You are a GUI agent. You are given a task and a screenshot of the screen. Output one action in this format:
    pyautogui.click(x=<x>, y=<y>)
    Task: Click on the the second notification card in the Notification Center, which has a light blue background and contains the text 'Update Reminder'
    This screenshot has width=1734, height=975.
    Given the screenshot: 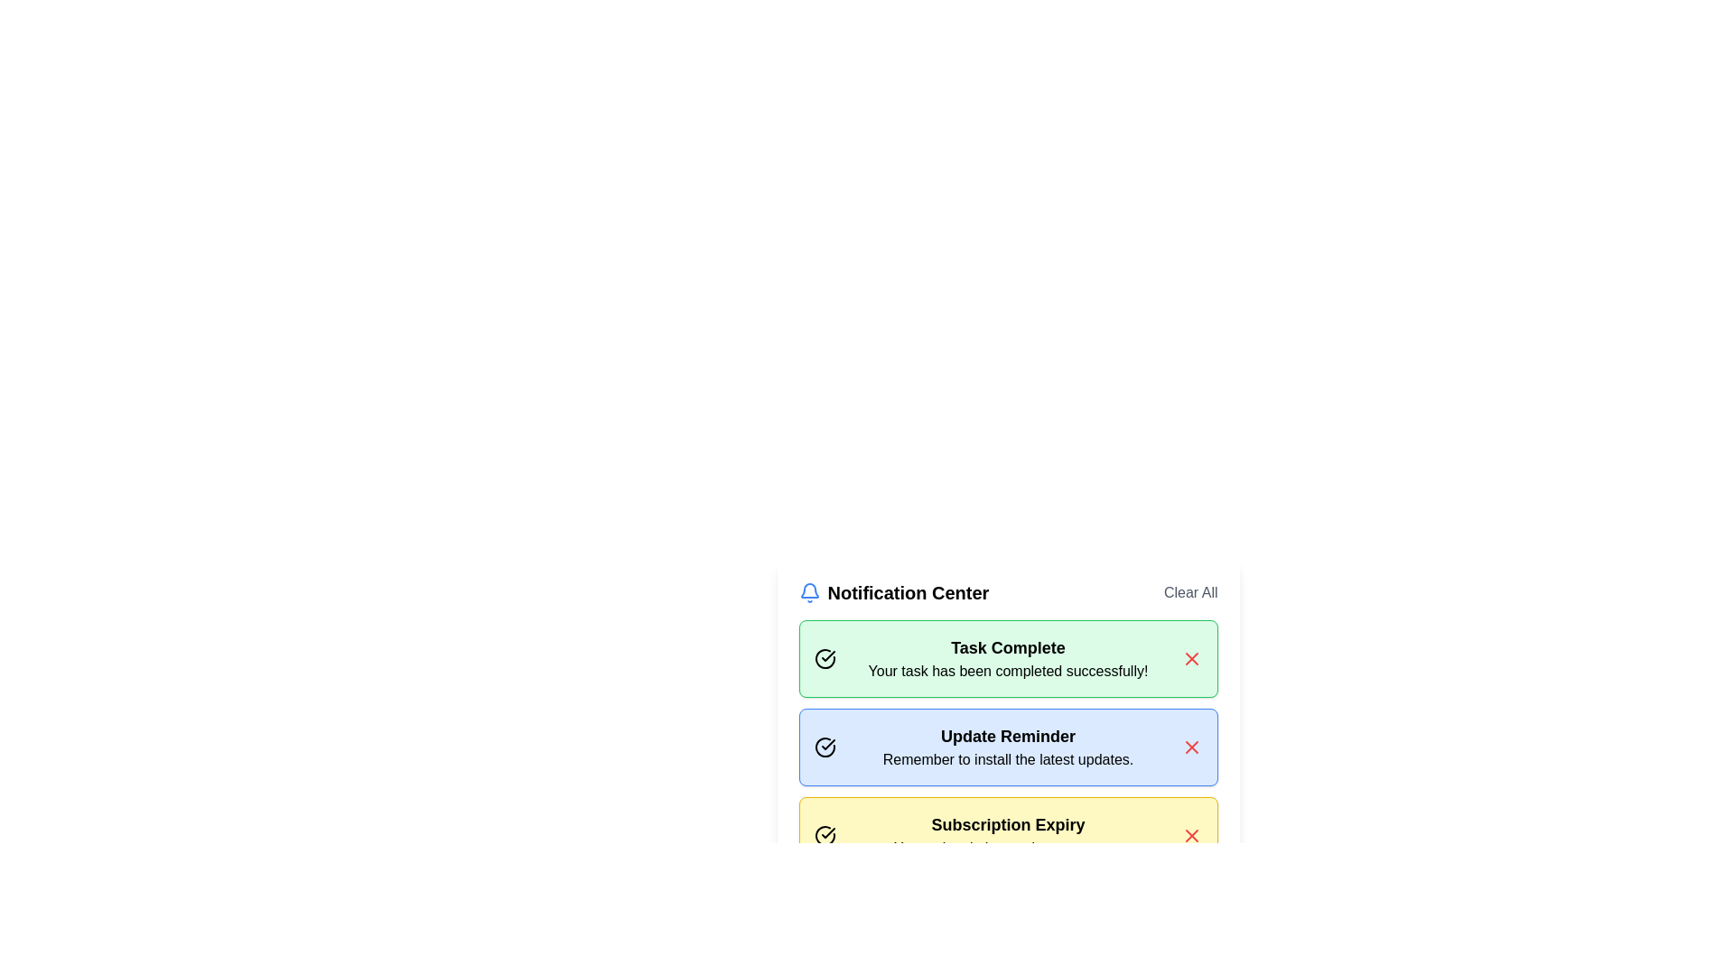 What is the action you would take?
    pyautogui.click(x=1007, y=747)
    